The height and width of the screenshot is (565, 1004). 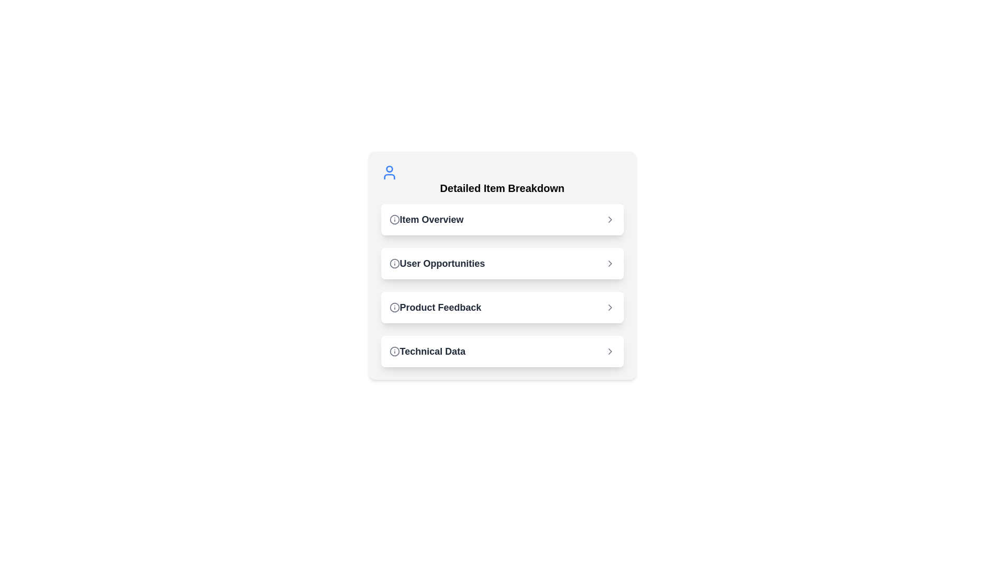 What do you see at coordinates (394, 219) in the screenshot?
I see `the decorative vector graphic element forming part of the informational icon located to the left of the 'Item Overview' list item text to view it and recognize its context within the icon` at bounding box center [394, 219].